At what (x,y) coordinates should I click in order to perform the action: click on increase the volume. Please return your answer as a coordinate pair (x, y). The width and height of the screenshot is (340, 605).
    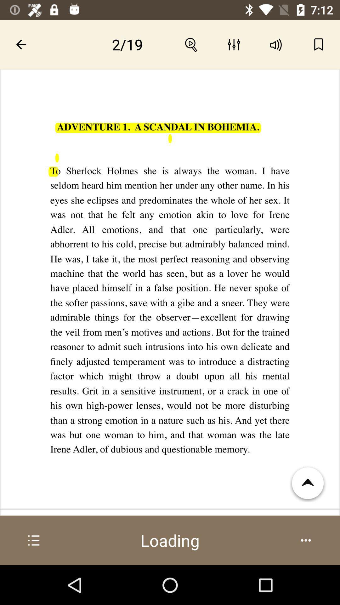
    Looking at the image, I should click on (276, 44).